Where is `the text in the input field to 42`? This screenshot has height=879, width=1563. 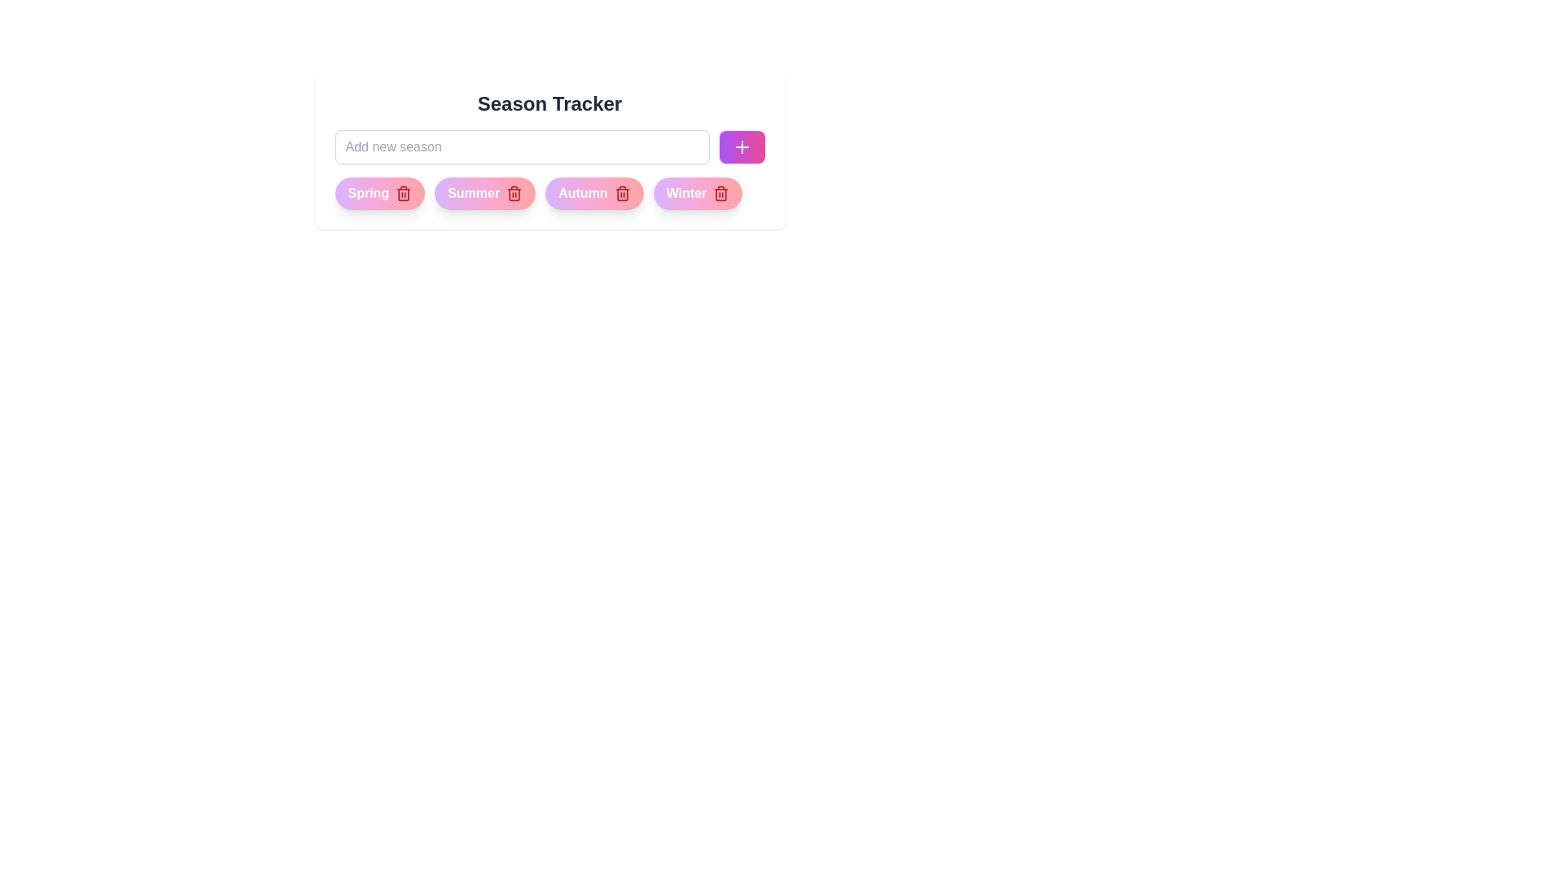 the text in the input field to 42 is located at coordinates (522, 147).